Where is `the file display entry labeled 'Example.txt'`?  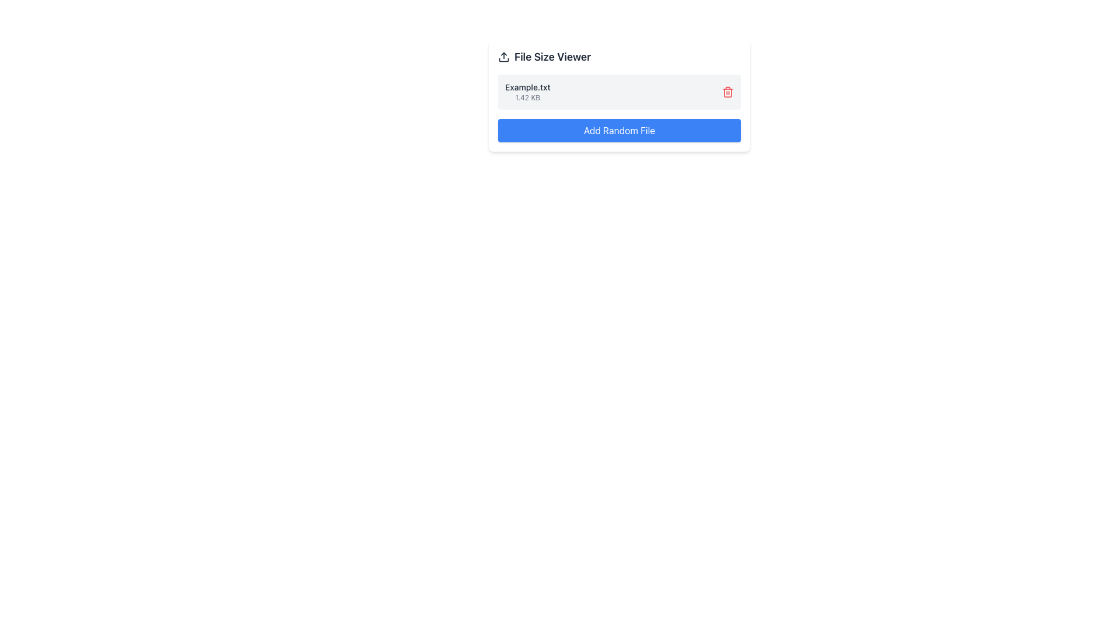
the file display entry labeled 'Example.txt' is located at coordinates (618, 95).